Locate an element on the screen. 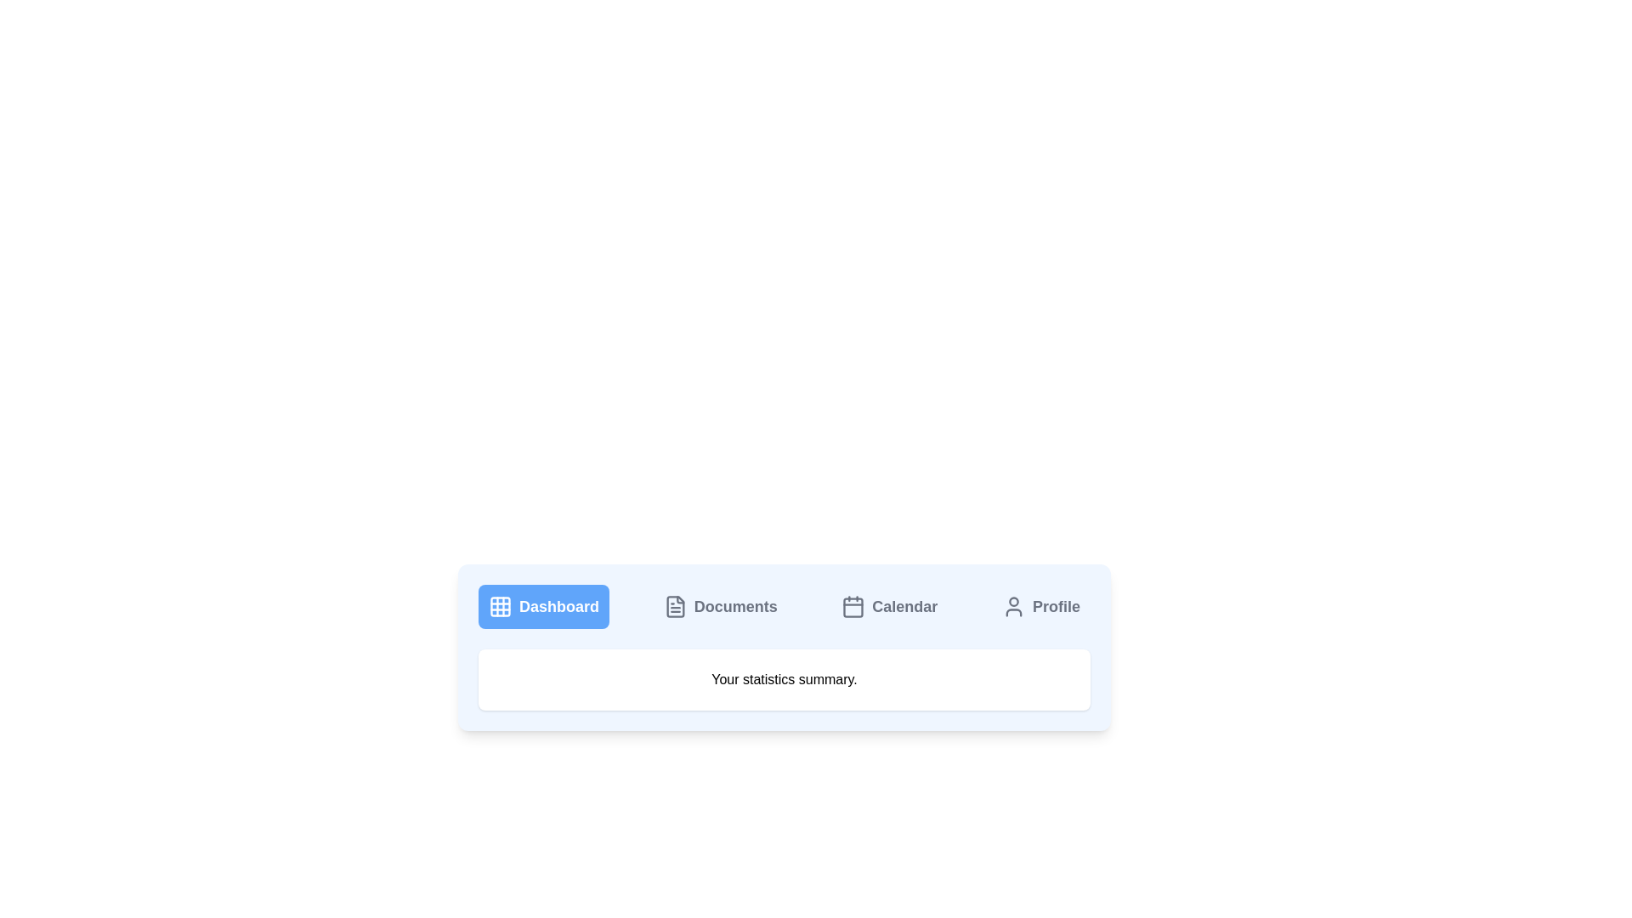 The width and height of the screenshot is (1632, 918). the user's profile icon, which is a gray outlined circle with a minimalist design, located on the far right of the navigation menu is located at coordinates (1013, 605).